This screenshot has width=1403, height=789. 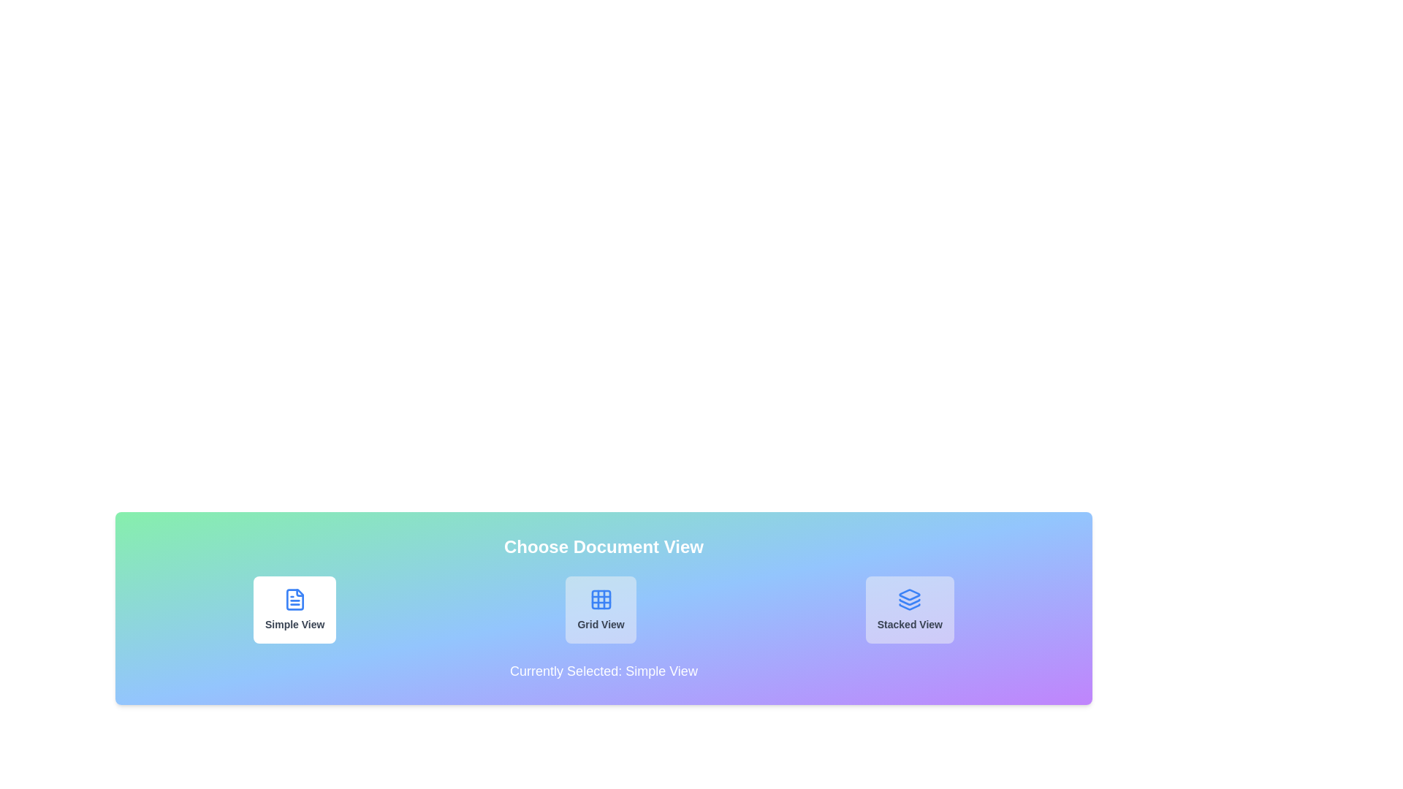 I want to click on the view mode by clicking on the corresponding button for Stacked View, so click(x=909, y=609).